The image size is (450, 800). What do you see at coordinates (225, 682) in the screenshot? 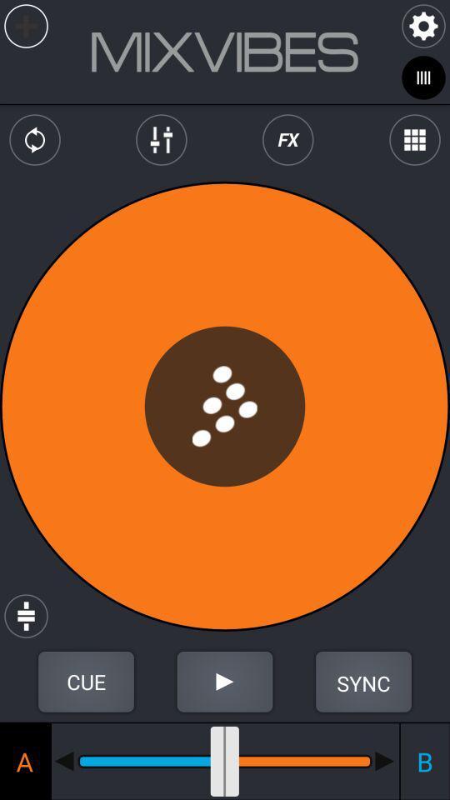
I see `the play icon` at bounding box center [225, 682].